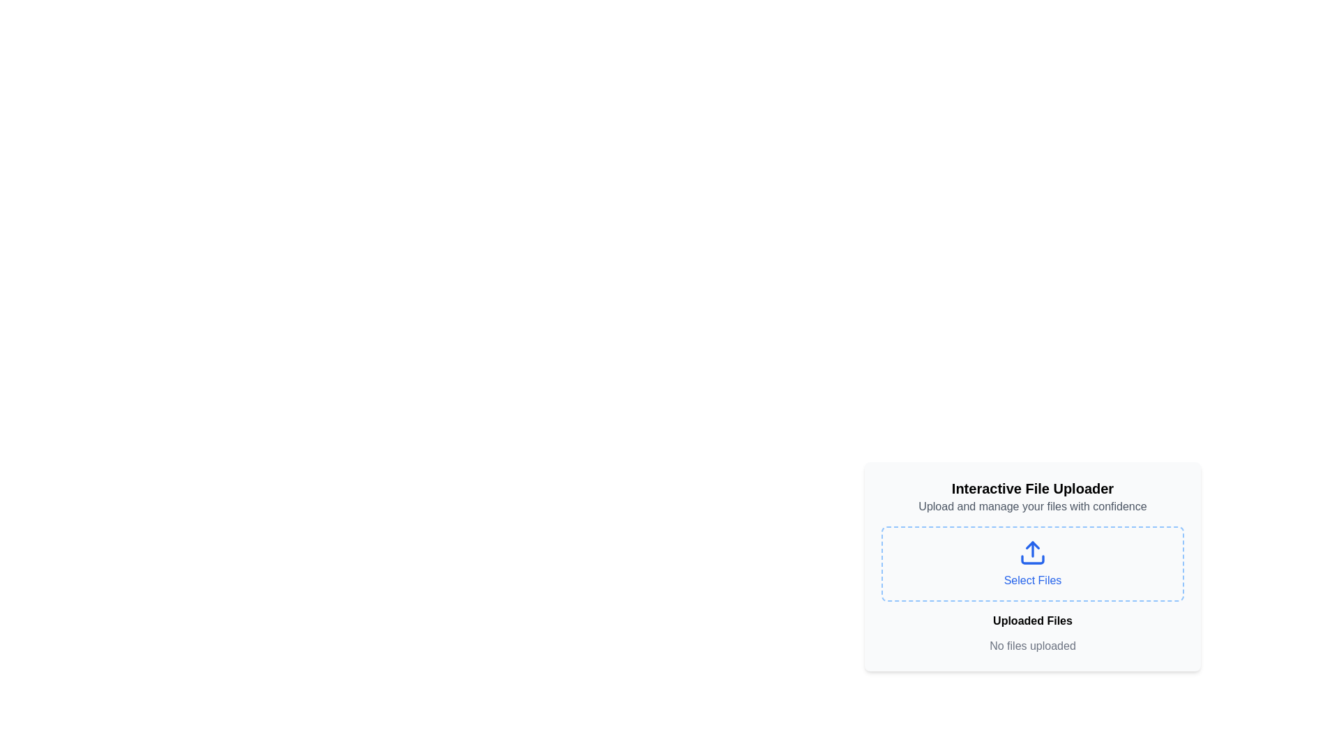 Image resolution: width=1339 pixels, height=753 pixels. What do you see at coordinates (1033, 621) in the screenshot?
I see `the text label displaying 'Uploaded Files' in bold font located in the lower part of the file uploading interface` at bounding box center [1033, 621].